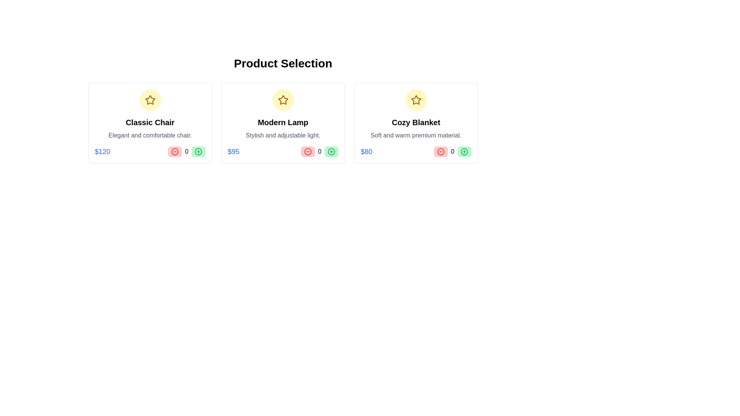 This screenshot has width=740, height=416. I want to click on the price information ('$120') in the product card for the 'Classic Chair' to observe any possible tooltips, so click(150, 151).